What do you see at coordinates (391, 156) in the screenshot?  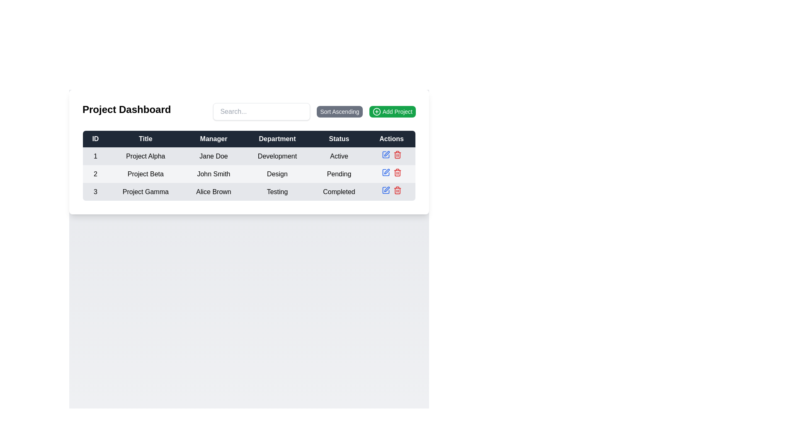 I see `the blue pen icon in the Button Group (Action Icons) located at the rightmost side of the 'Actions' column in the first row of the table` at bounding box center [391, 156].